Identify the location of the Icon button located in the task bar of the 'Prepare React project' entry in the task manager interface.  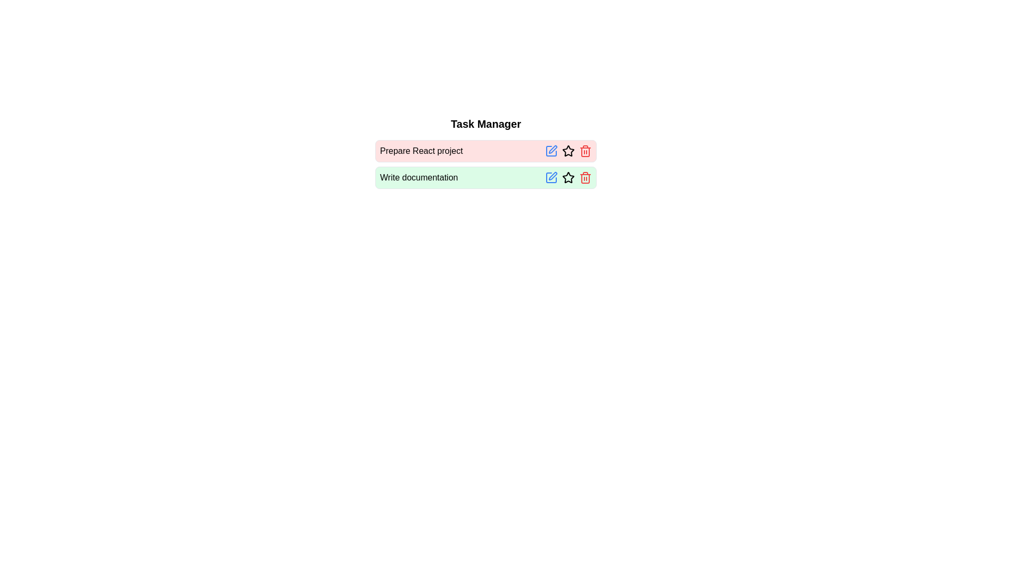
(568, 151).